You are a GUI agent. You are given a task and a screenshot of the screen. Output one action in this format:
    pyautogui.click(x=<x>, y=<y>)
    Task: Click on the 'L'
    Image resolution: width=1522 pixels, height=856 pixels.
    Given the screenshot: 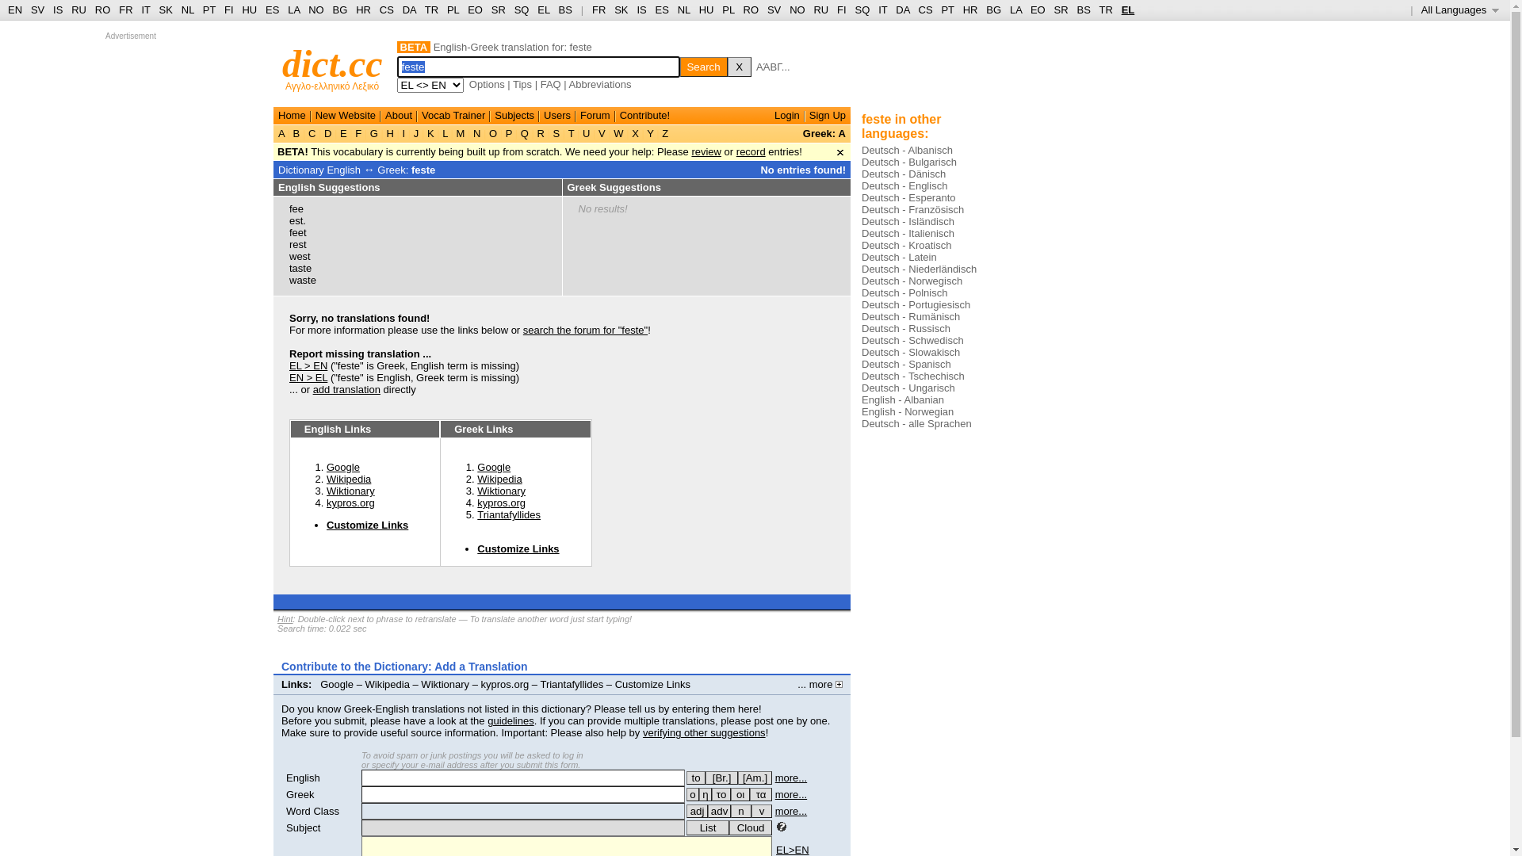 What is the action you would take?
    pyautogui.click(x=444, y=132)
    